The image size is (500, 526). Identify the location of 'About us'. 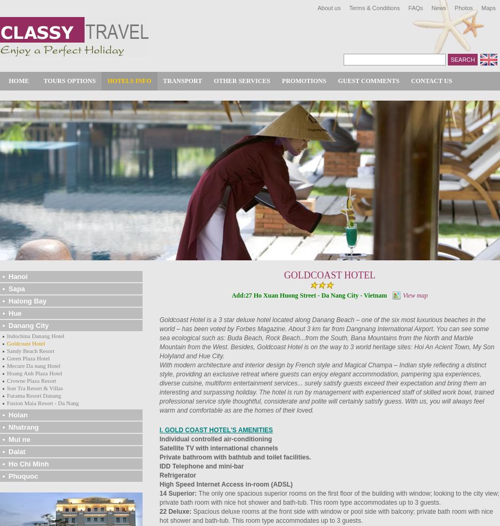
(328, 7).